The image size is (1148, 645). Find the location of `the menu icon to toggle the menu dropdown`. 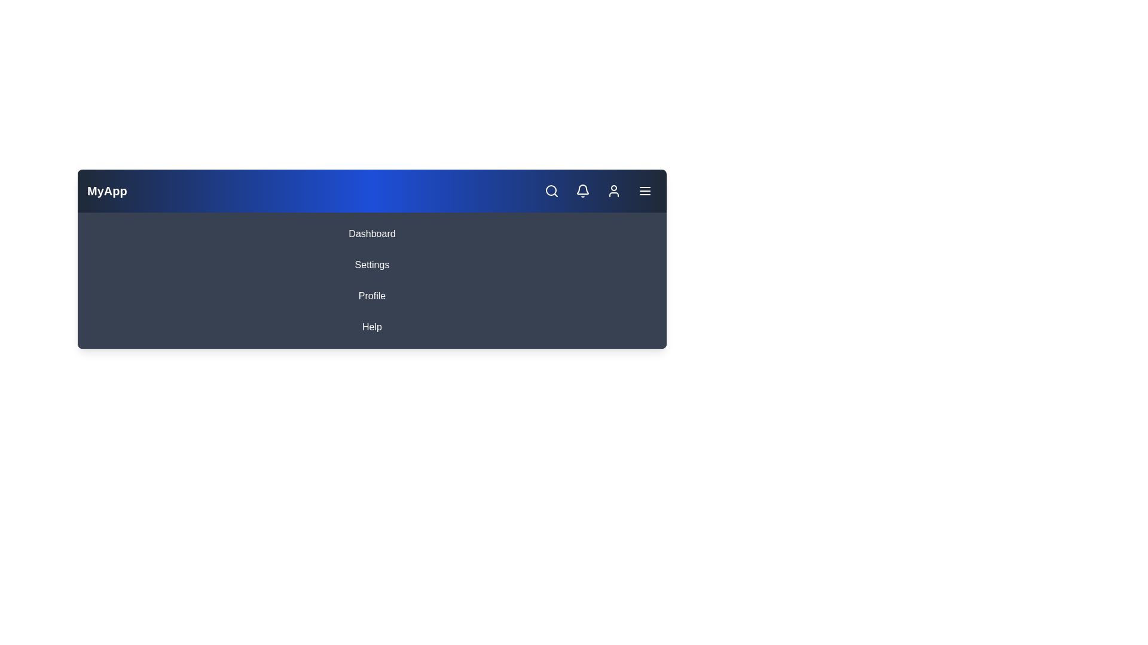

the menu icon to toggle the menu dropdown is located at coordinates (645, 191).